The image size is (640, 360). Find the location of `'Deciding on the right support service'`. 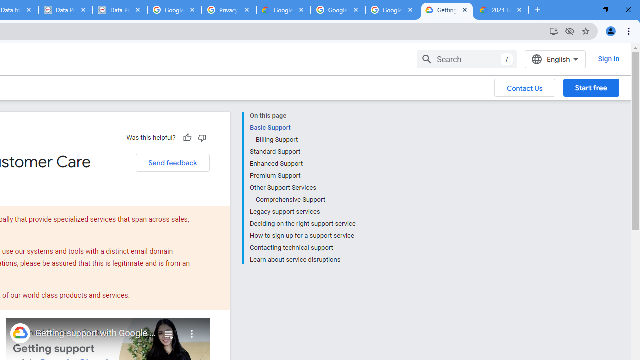

'Deciding on the right support service' is located at coordinates (302, 223).